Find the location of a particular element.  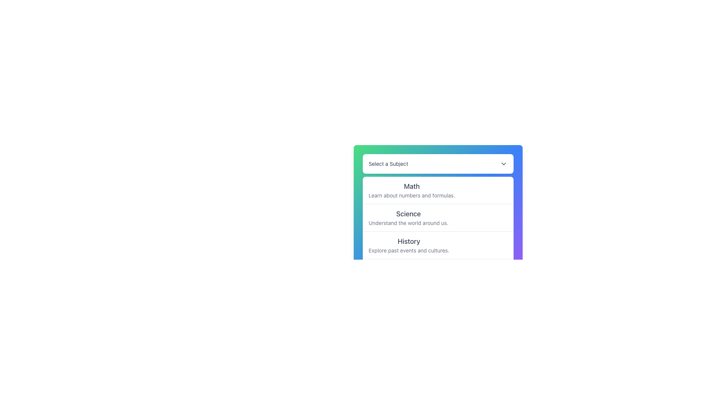

the 'History' list item option, which is the third item in the vertical menu is located at coordinates (438, 245).